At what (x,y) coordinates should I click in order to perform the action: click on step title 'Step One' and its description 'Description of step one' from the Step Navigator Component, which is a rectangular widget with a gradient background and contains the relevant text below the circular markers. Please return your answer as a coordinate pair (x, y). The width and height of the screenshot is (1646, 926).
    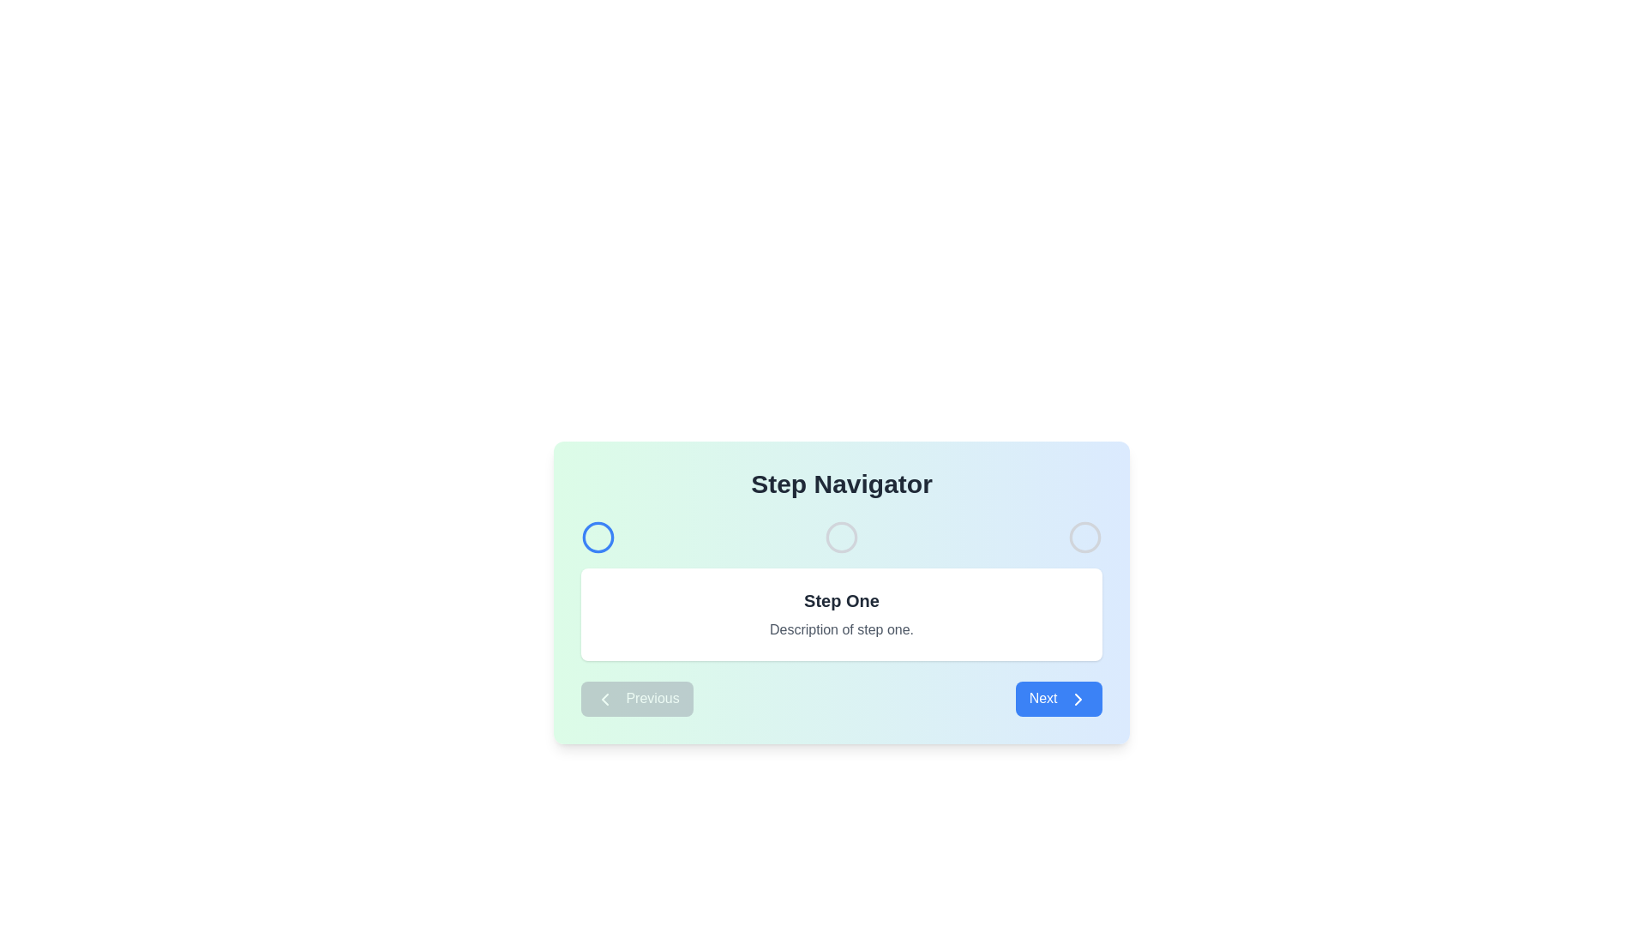
    Looking at the image, I should click on (842, 591).